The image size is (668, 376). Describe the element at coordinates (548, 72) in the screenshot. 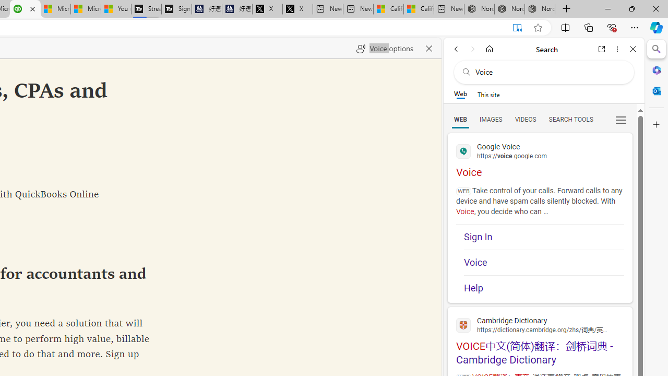

I see `'Search the web'` at that location.